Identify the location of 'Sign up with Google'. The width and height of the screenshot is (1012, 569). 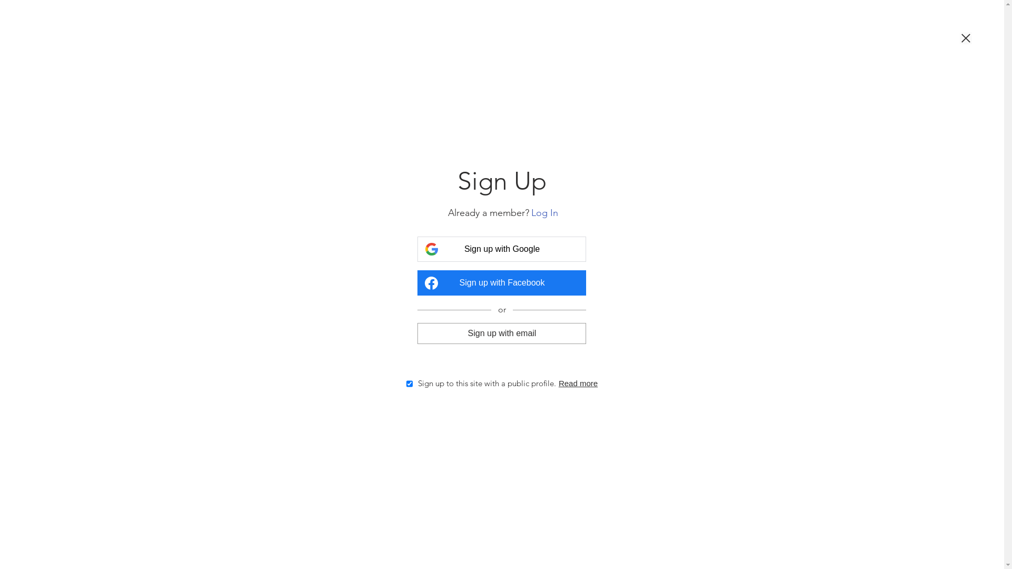
(501, 249).